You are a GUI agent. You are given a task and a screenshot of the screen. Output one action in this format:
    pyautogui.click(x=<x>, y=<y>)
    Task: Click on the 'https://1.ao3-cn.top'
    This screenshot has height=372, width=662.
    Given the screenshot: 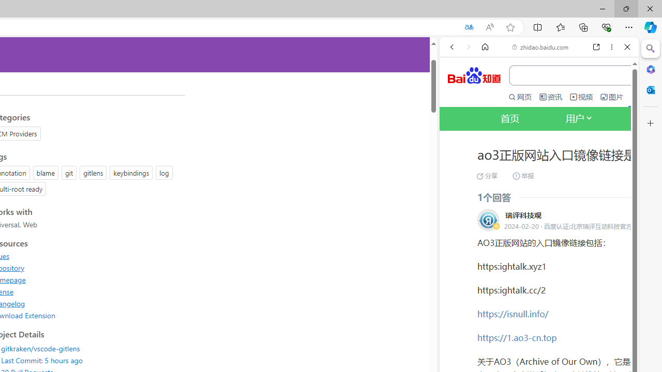 What is the action you would take?
    pyautogui.click(x=517, y=337)
    